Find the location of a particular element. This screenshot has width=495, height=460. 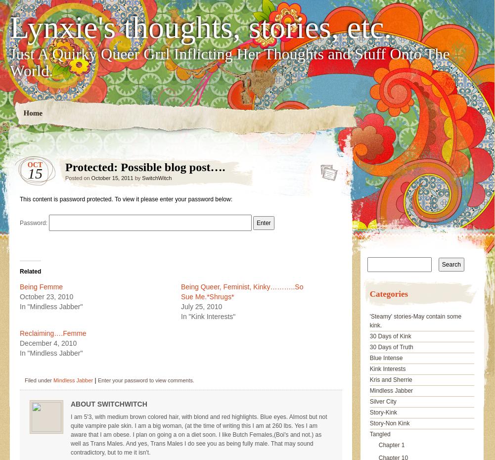

'SwitchWitch' is located at coordinates (157, 178).